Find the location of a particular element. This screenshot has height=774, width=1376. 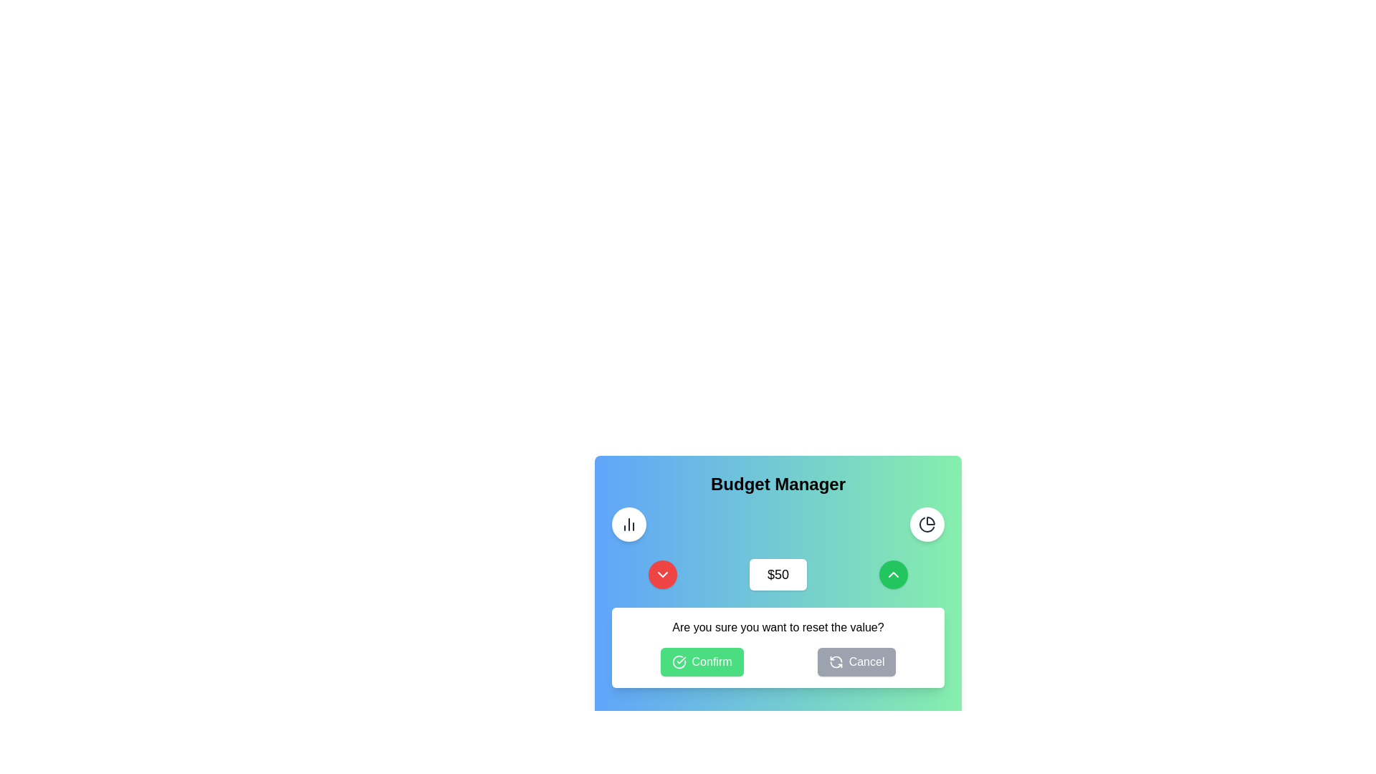

the stylized vertical bar chart icon within the circular button on the top-left side of the card interface is located at coordinates (629, 525).